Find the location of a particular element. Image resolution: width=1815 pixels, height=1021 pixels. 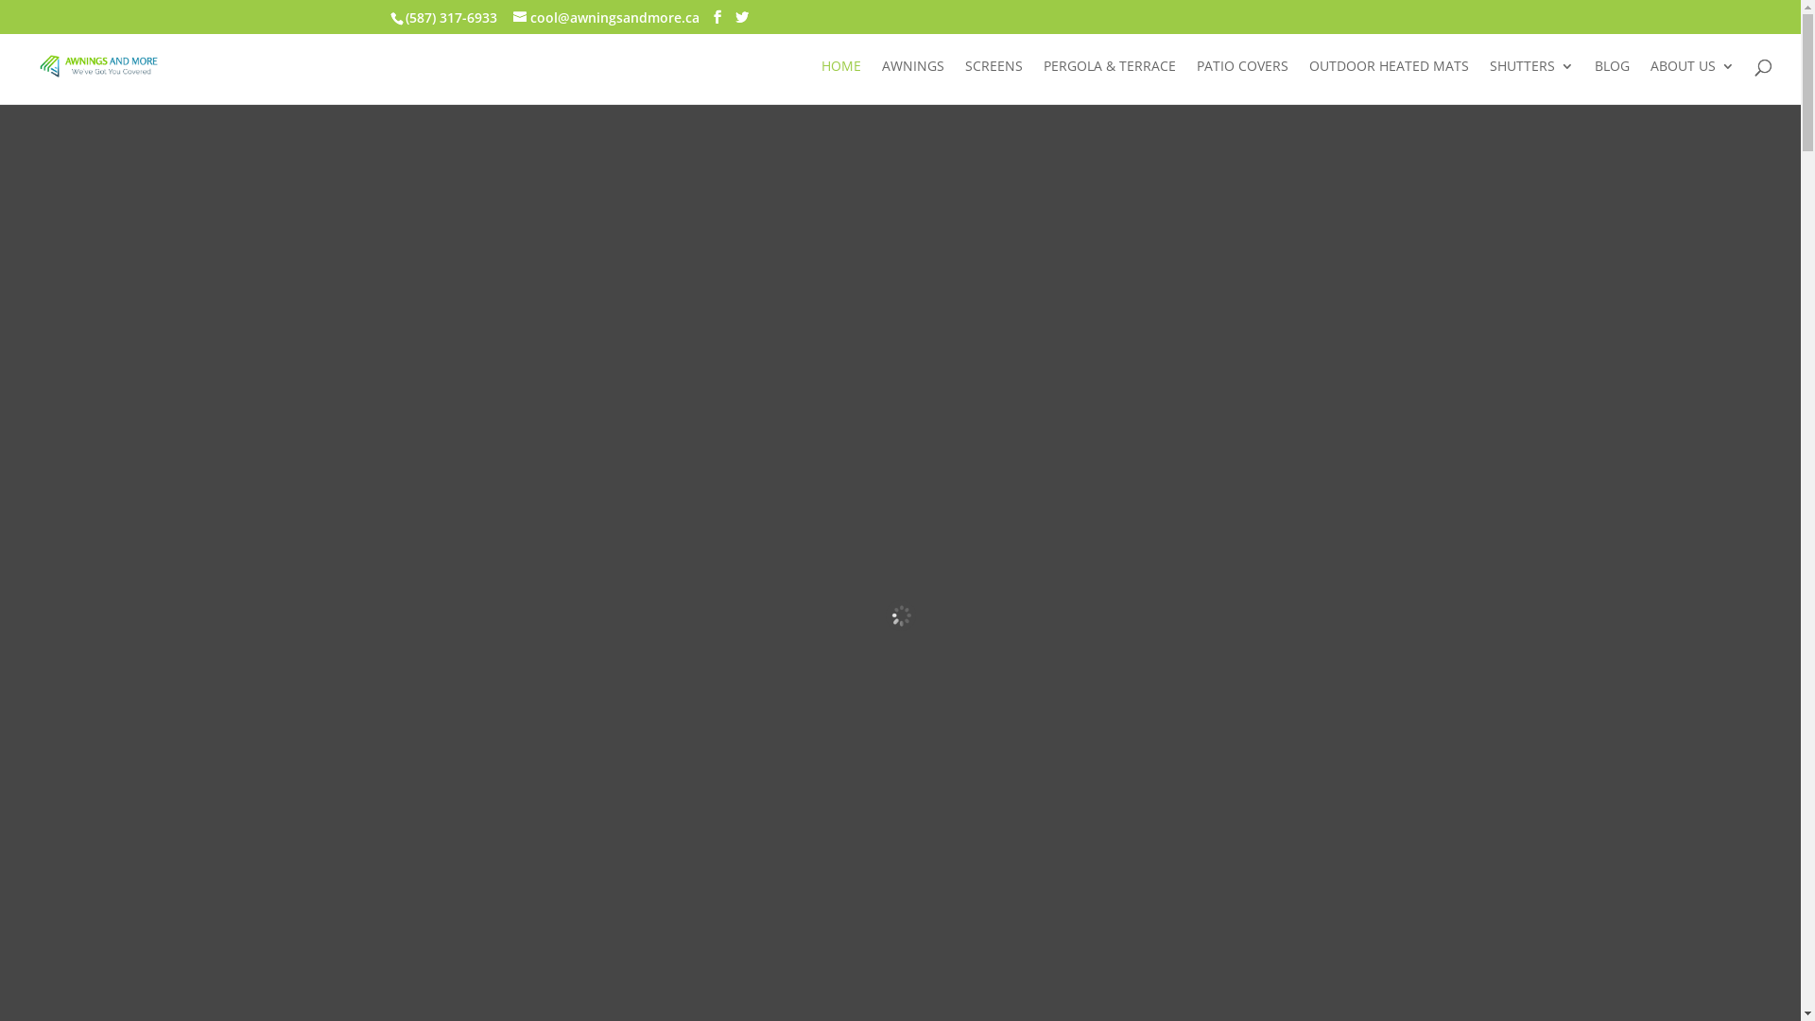

'BLOG' is located at coordinates (1611, 80).